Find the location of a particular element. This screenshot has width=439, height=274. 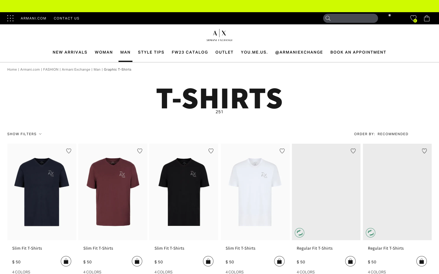

Procure the 4th item by selecting the relative shopping bag icon is located at coordinates (279, 261).